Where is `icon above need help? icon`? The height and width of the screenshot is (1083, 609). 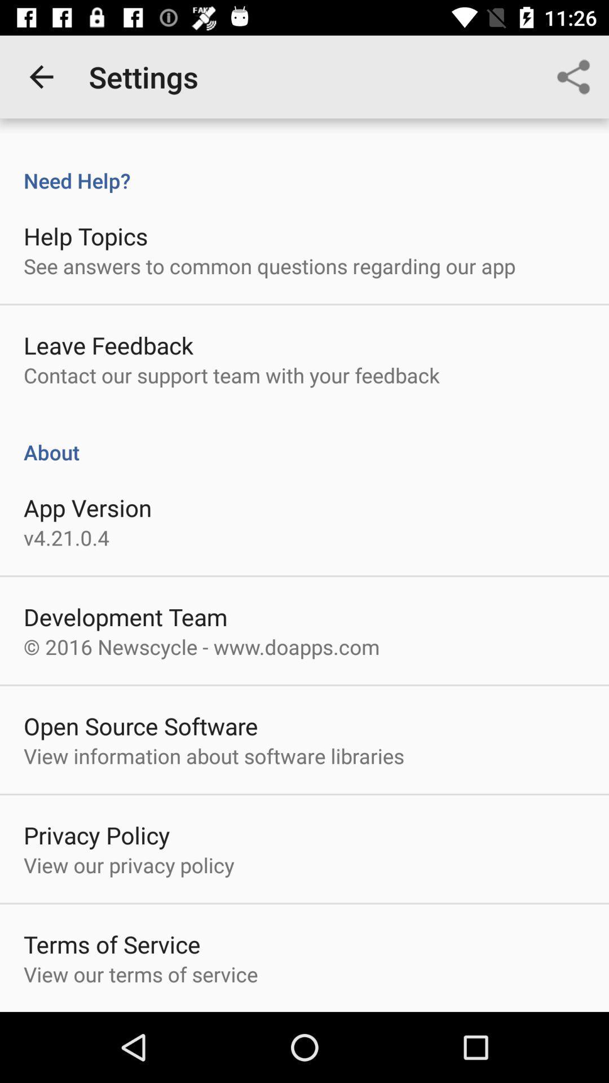
icon above need help? icon is located at coordinates (573, 76).